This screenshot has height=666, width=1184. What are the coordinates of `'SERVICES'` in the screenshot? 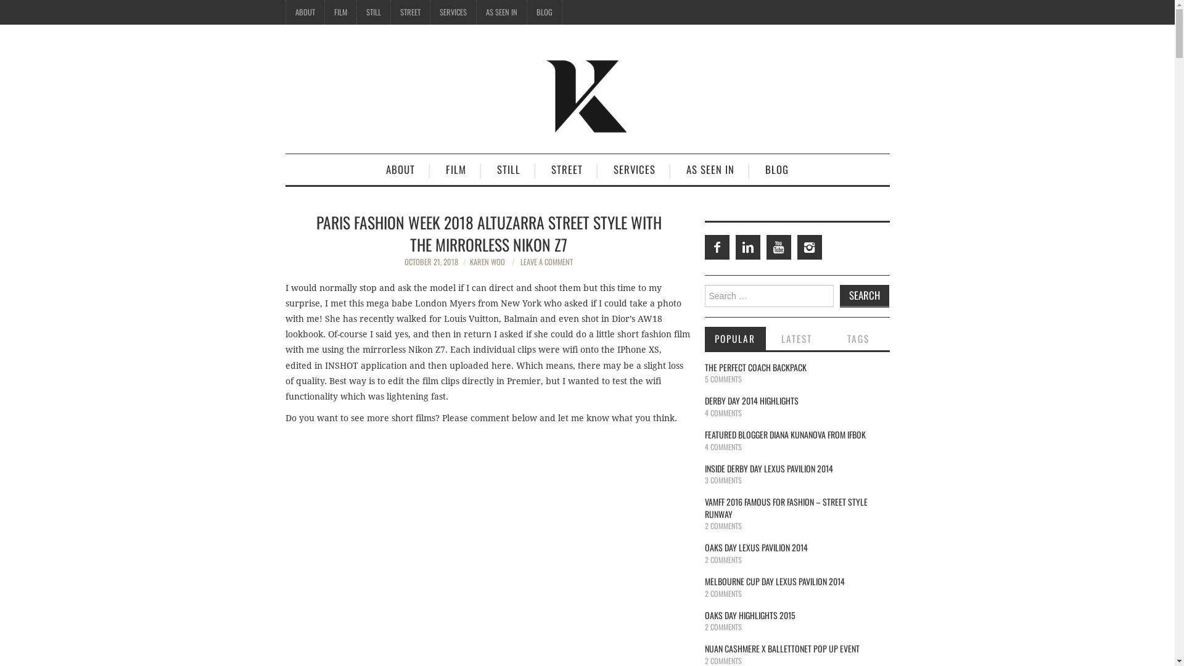 It's located at (634, 169).